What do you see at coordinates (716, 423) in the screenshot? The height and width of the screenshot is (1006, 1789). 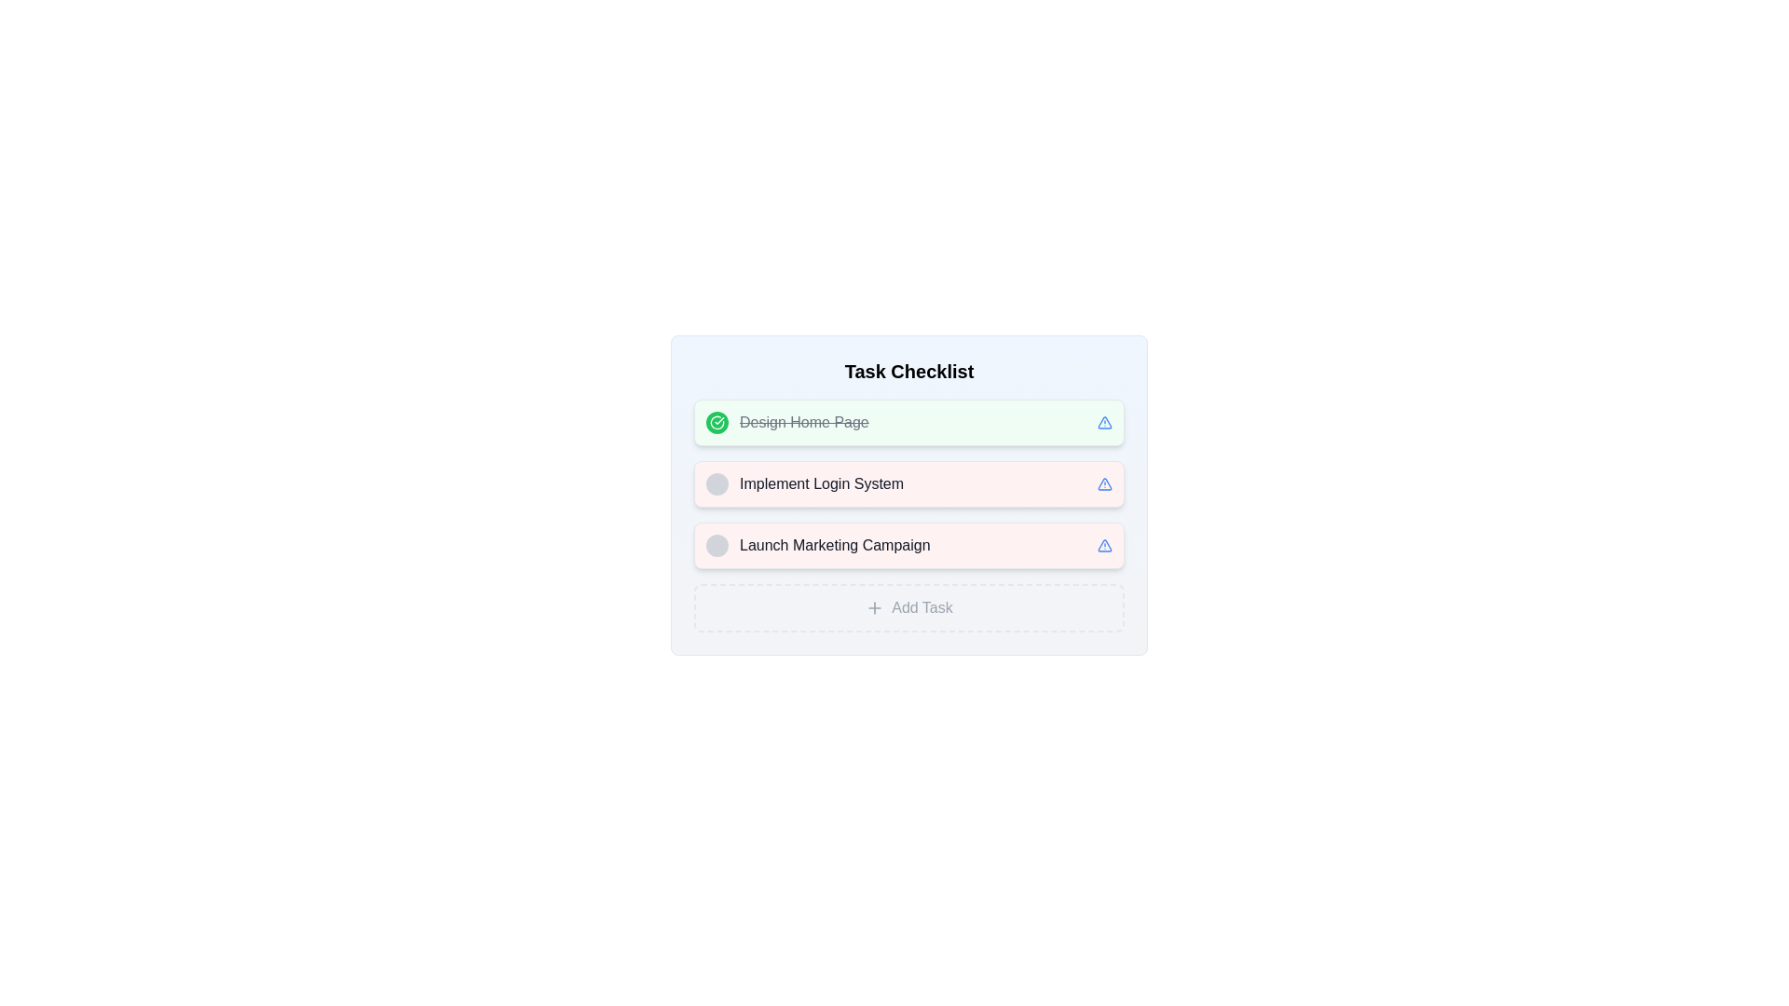 I see `the Icon button located to the left of the text 'Design Home Page' in the first item of the checklist named 'Task Checklist'` at bounding box center [716, 423].